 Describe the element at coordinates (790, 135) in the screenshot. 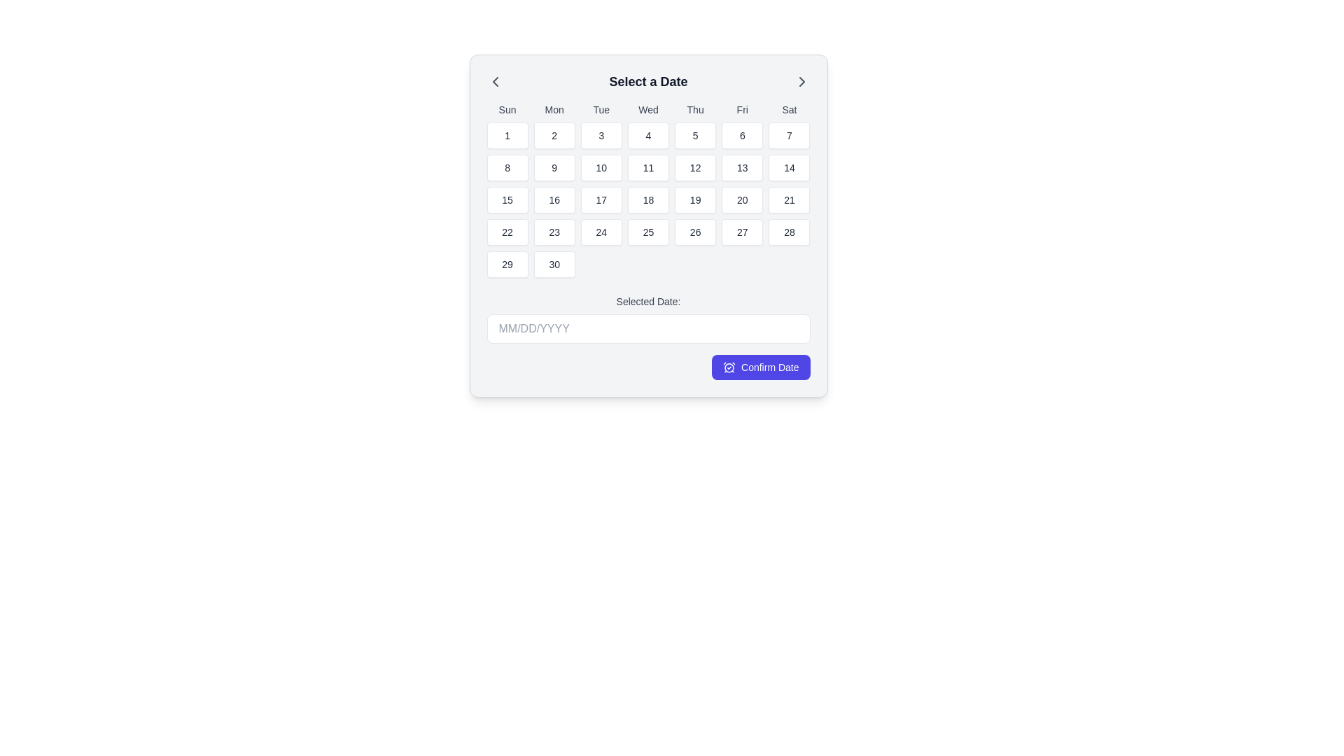

I see `the rectangular button displaying the number '7' in the center, located in the first row of the calendar grid under the 'Sat' column` at that location.